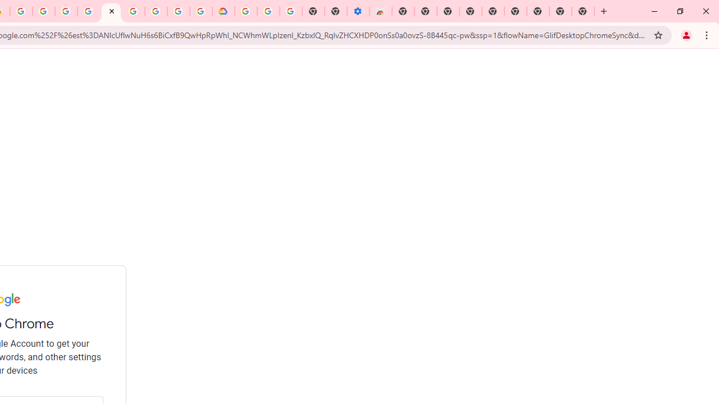 This screenshot has height=404, width=719. I want to click on 'Sign in - Google Accounts', so click(111, 11).